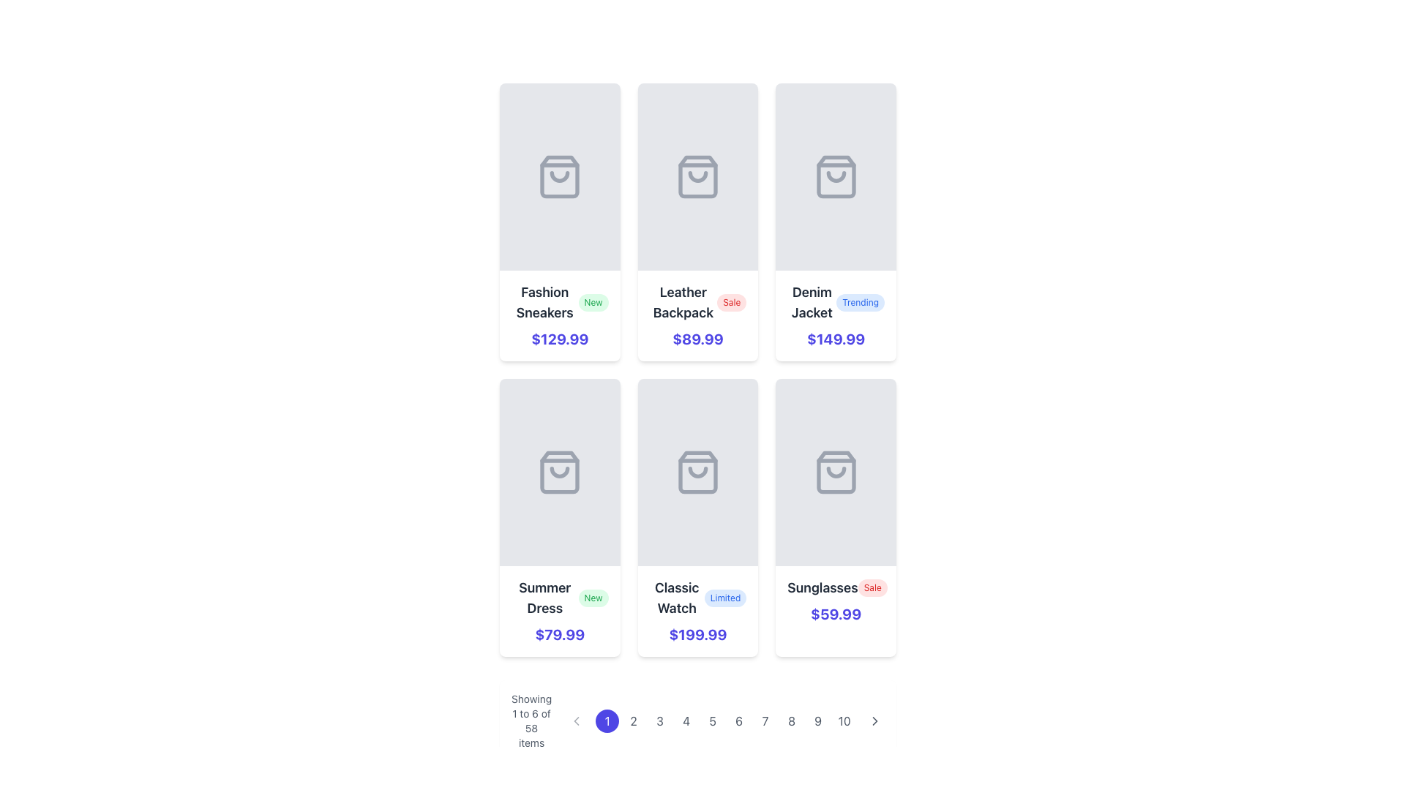 This screenshot has height=790, width=1405. I want to click on text content of the 'Classic Watch' element with a badge, which is located in the center card of the middle row in a grid layout, positioned above the price '$199.99', so click(697, 598).